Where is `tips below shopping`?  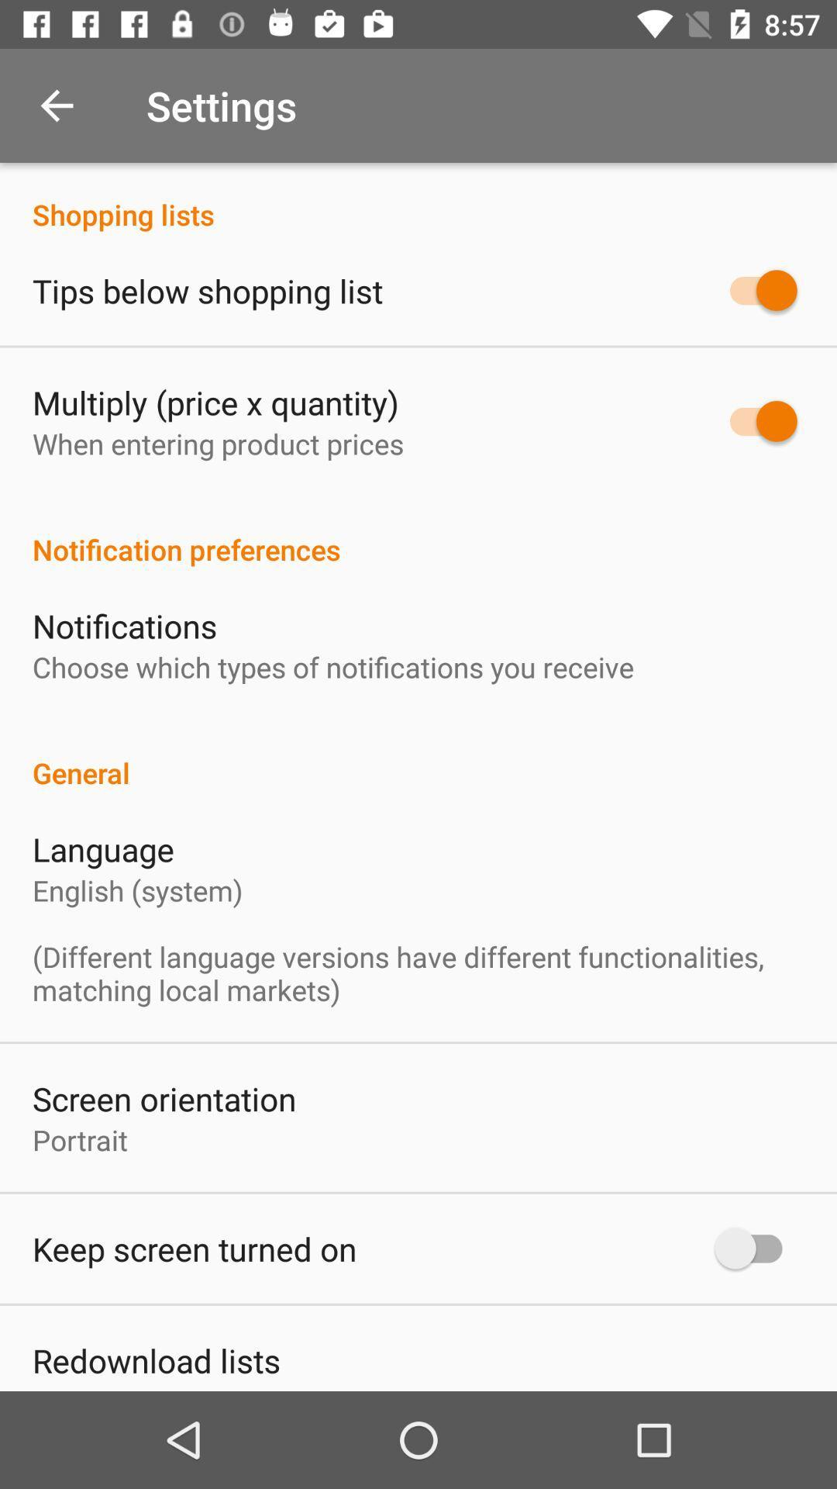
tips below shopping is located at coordinates (207, 290).